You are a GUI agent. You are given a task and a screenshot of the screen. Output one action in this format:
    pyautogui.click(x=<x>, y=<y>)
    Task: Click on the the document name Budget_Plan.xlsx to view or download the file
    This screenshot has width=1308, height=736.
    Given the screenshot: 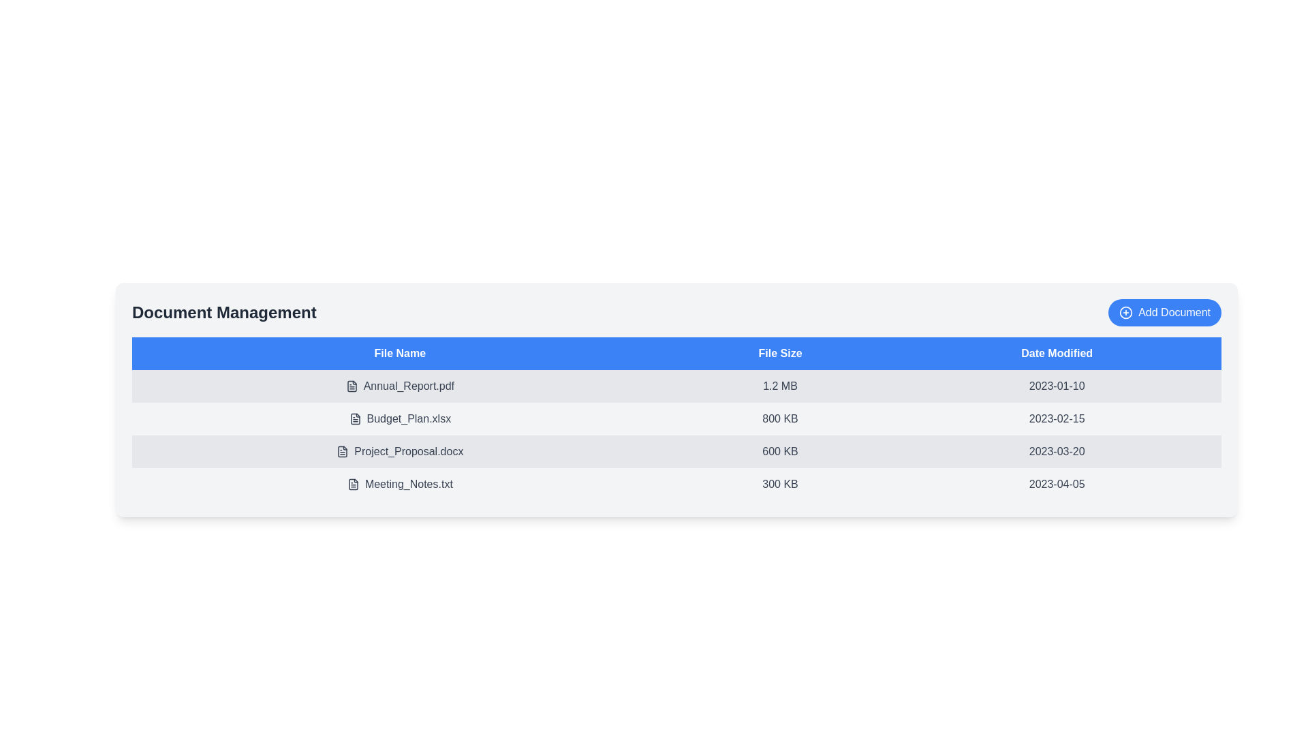 What is the action you would take?
    pyautogui.click(x=399, y=418)
    